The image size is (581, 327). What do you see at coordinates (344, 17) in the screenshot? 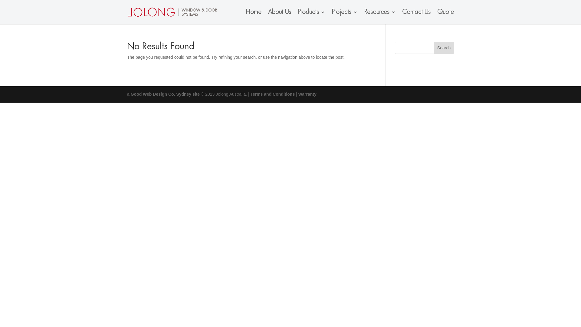
I see `'Projects'` at bounding box center [344, 17].